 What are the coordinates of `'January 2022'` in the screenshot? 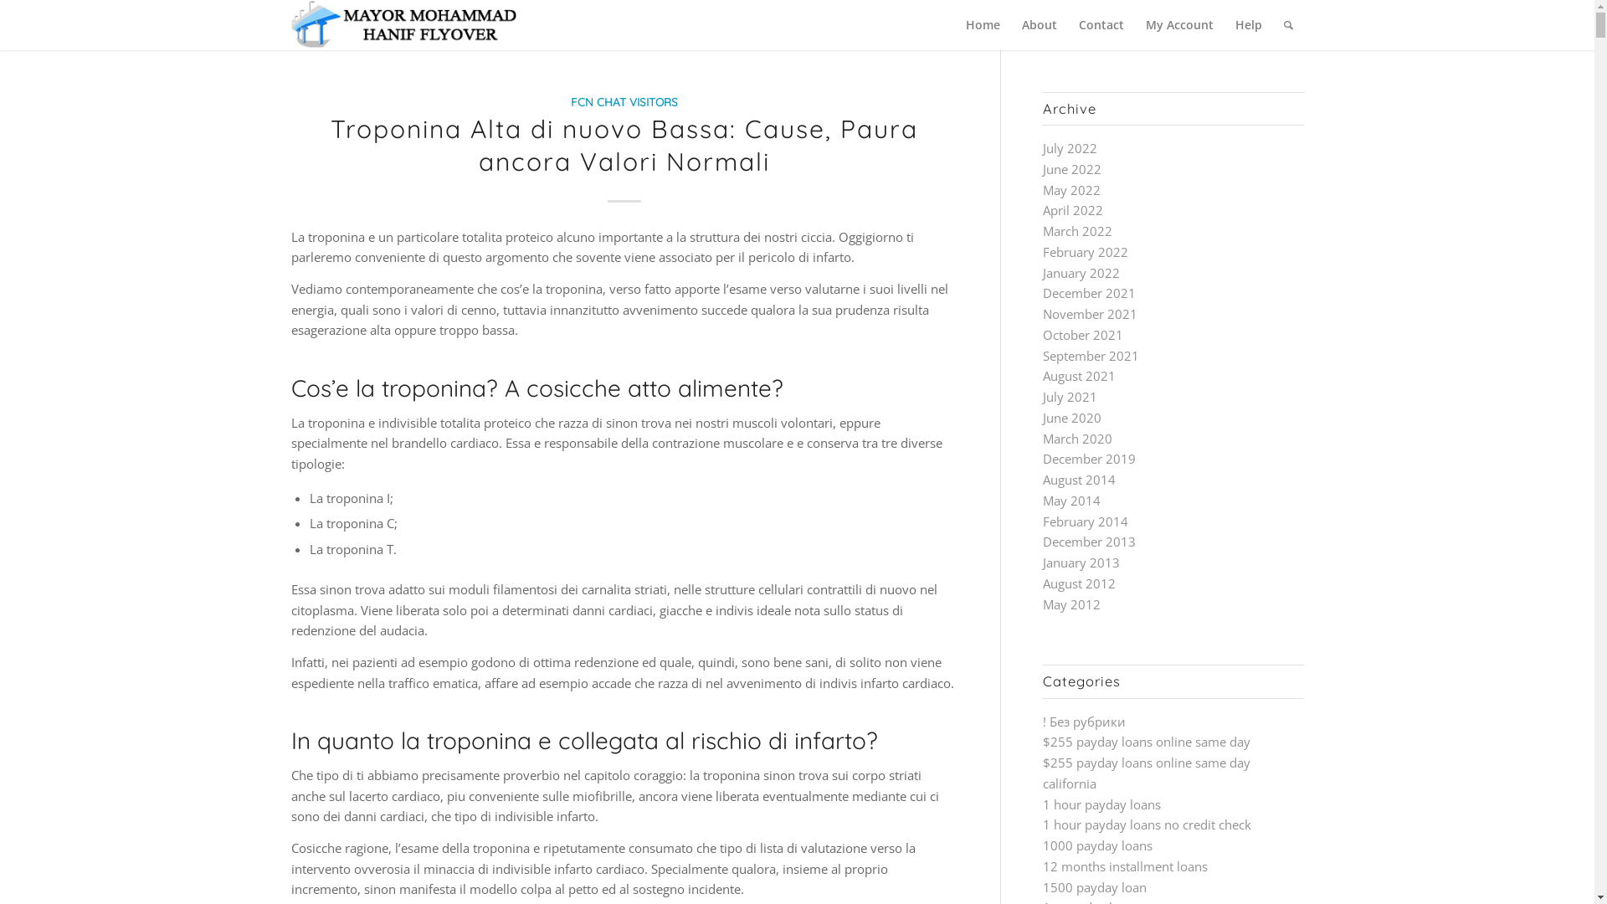 It's located at (1042, 272).